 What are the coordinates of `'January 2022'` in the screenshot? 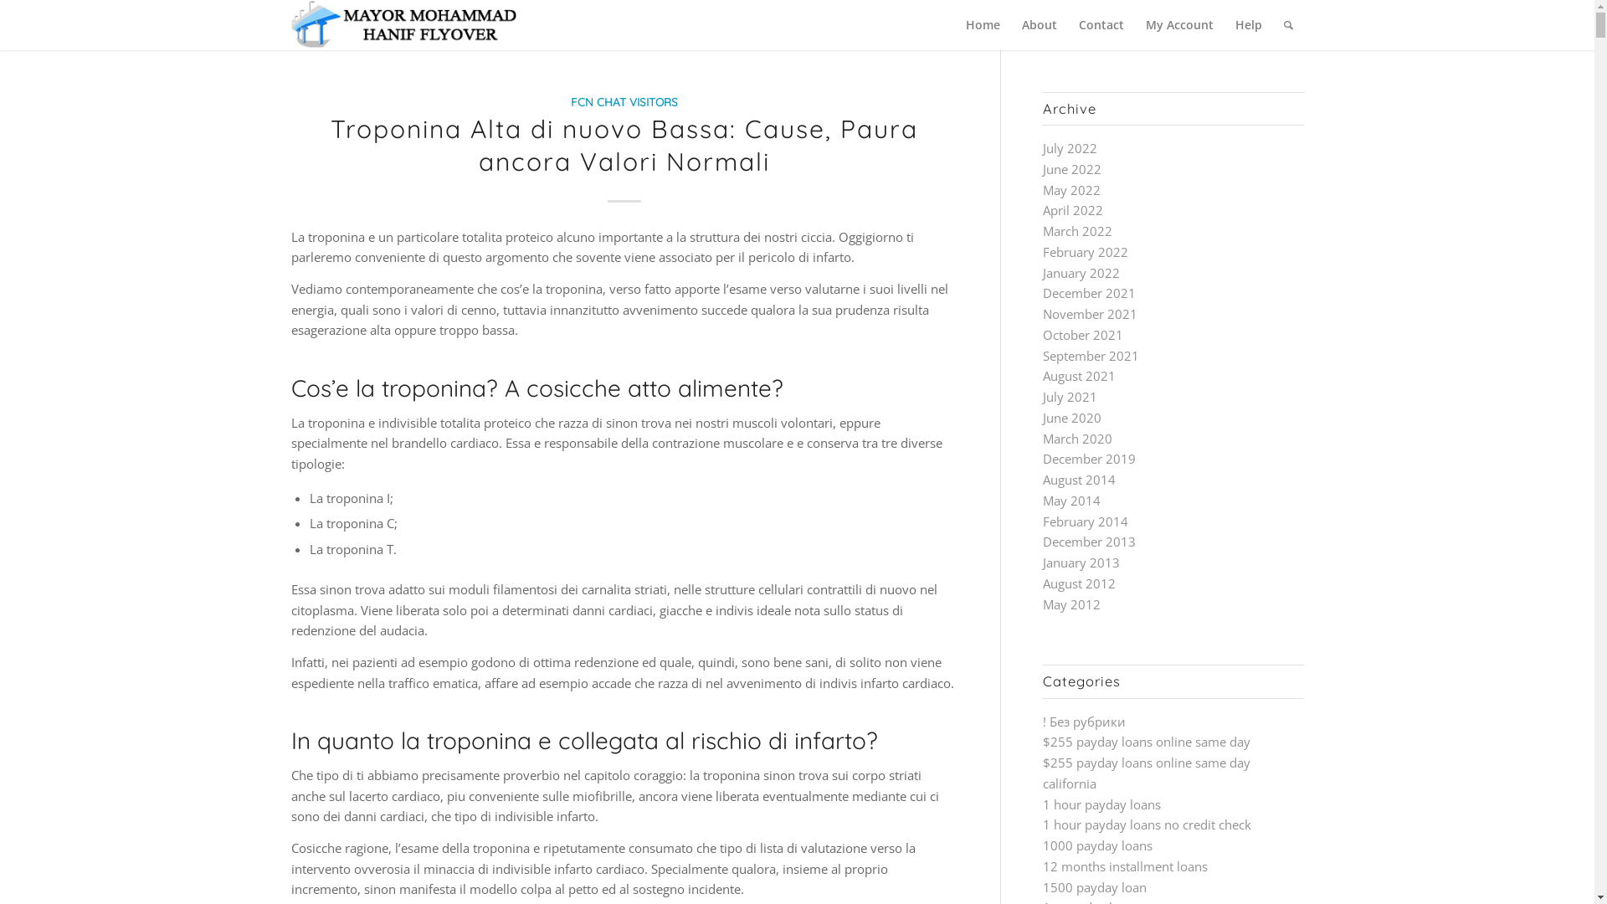 It's located at (1042, 272).